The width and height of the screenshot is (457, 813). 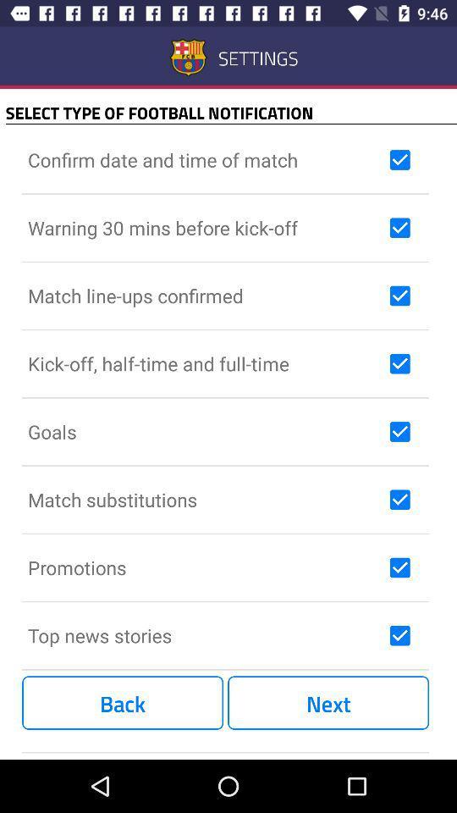 I want to click on the item next to back item, so click(x=328, y=703).